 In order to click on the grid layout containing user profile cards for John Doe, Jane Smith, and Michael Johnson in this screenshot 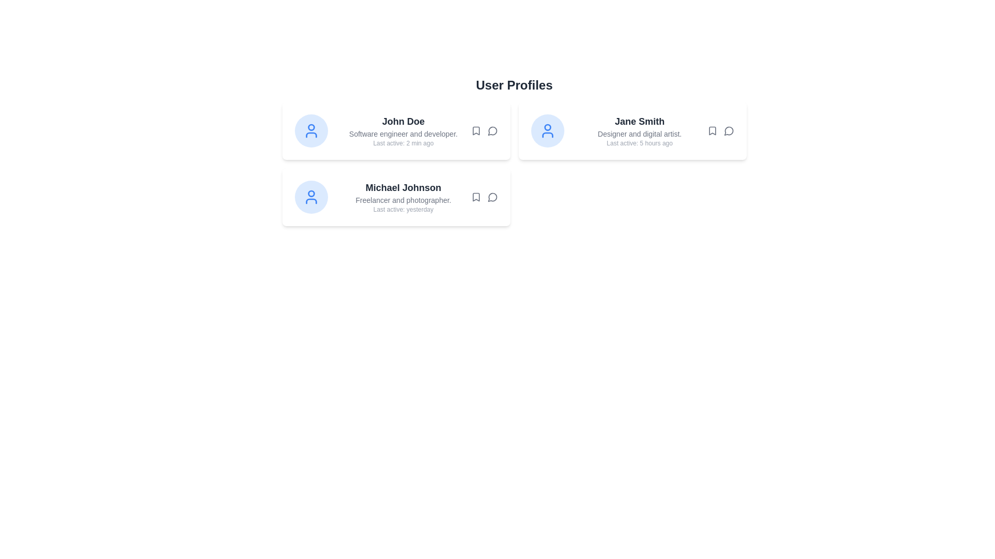, I will do `click(514, 163)`.